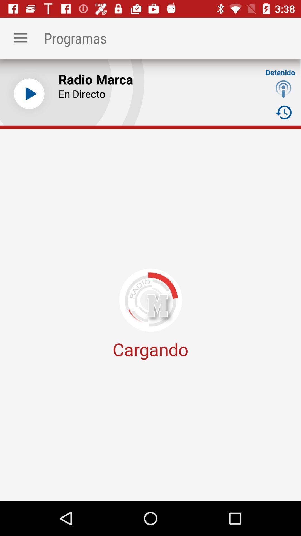 This screenshot has width=301, height=536. I want to click on the item below detenido icon, so click(283, 88).